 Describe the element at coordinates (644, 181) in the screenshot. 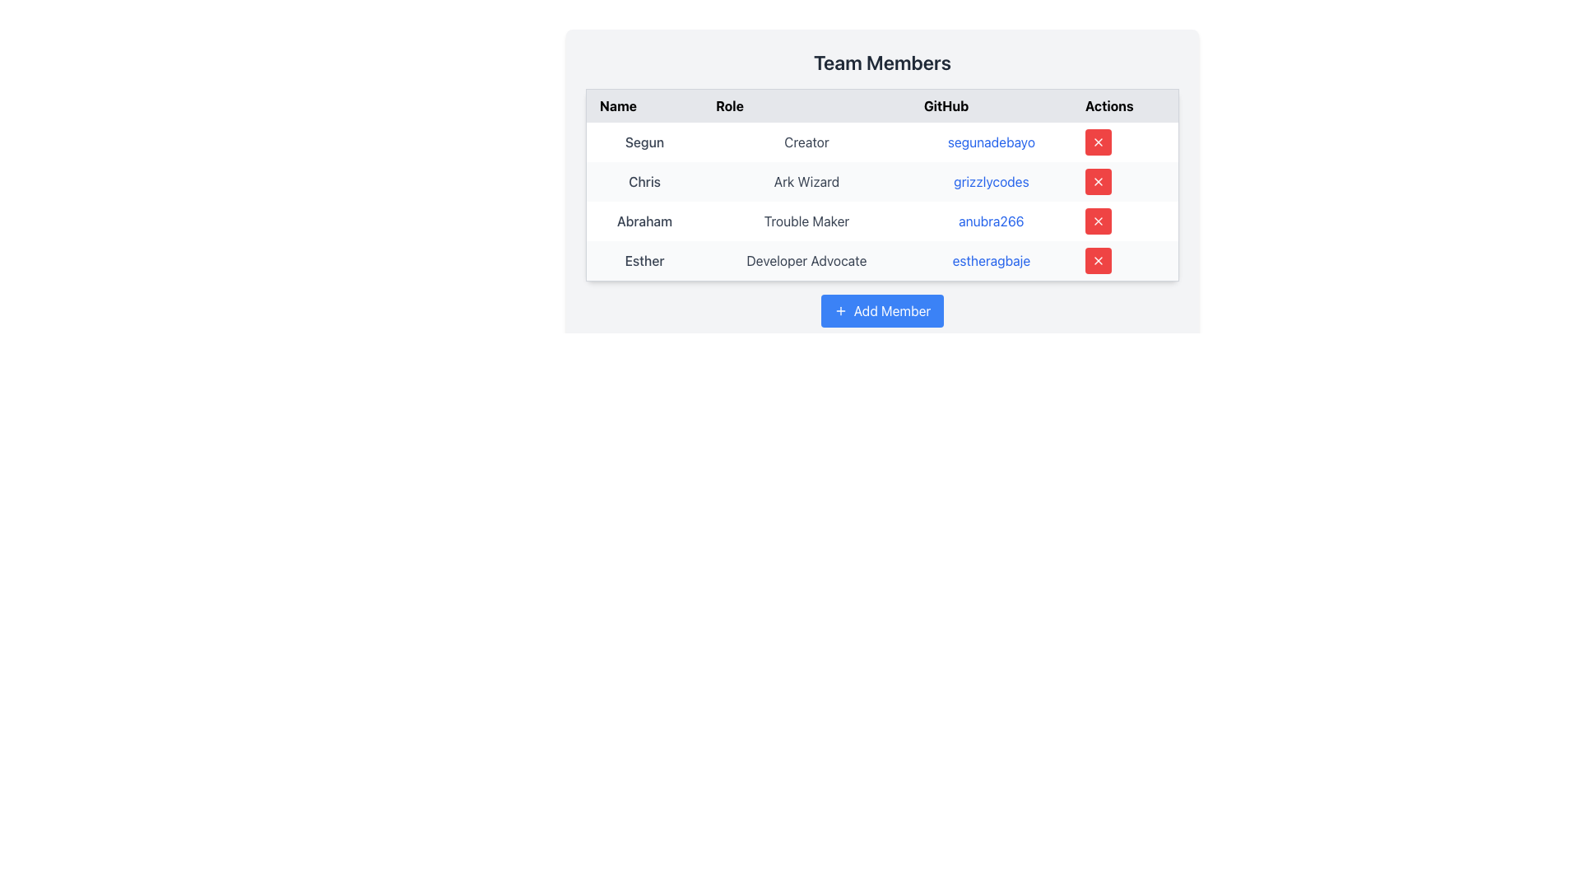

I see `the label displaying the name of the team member in the second row under the 'Name' column in the 'Team Members' section of the table` at that location.